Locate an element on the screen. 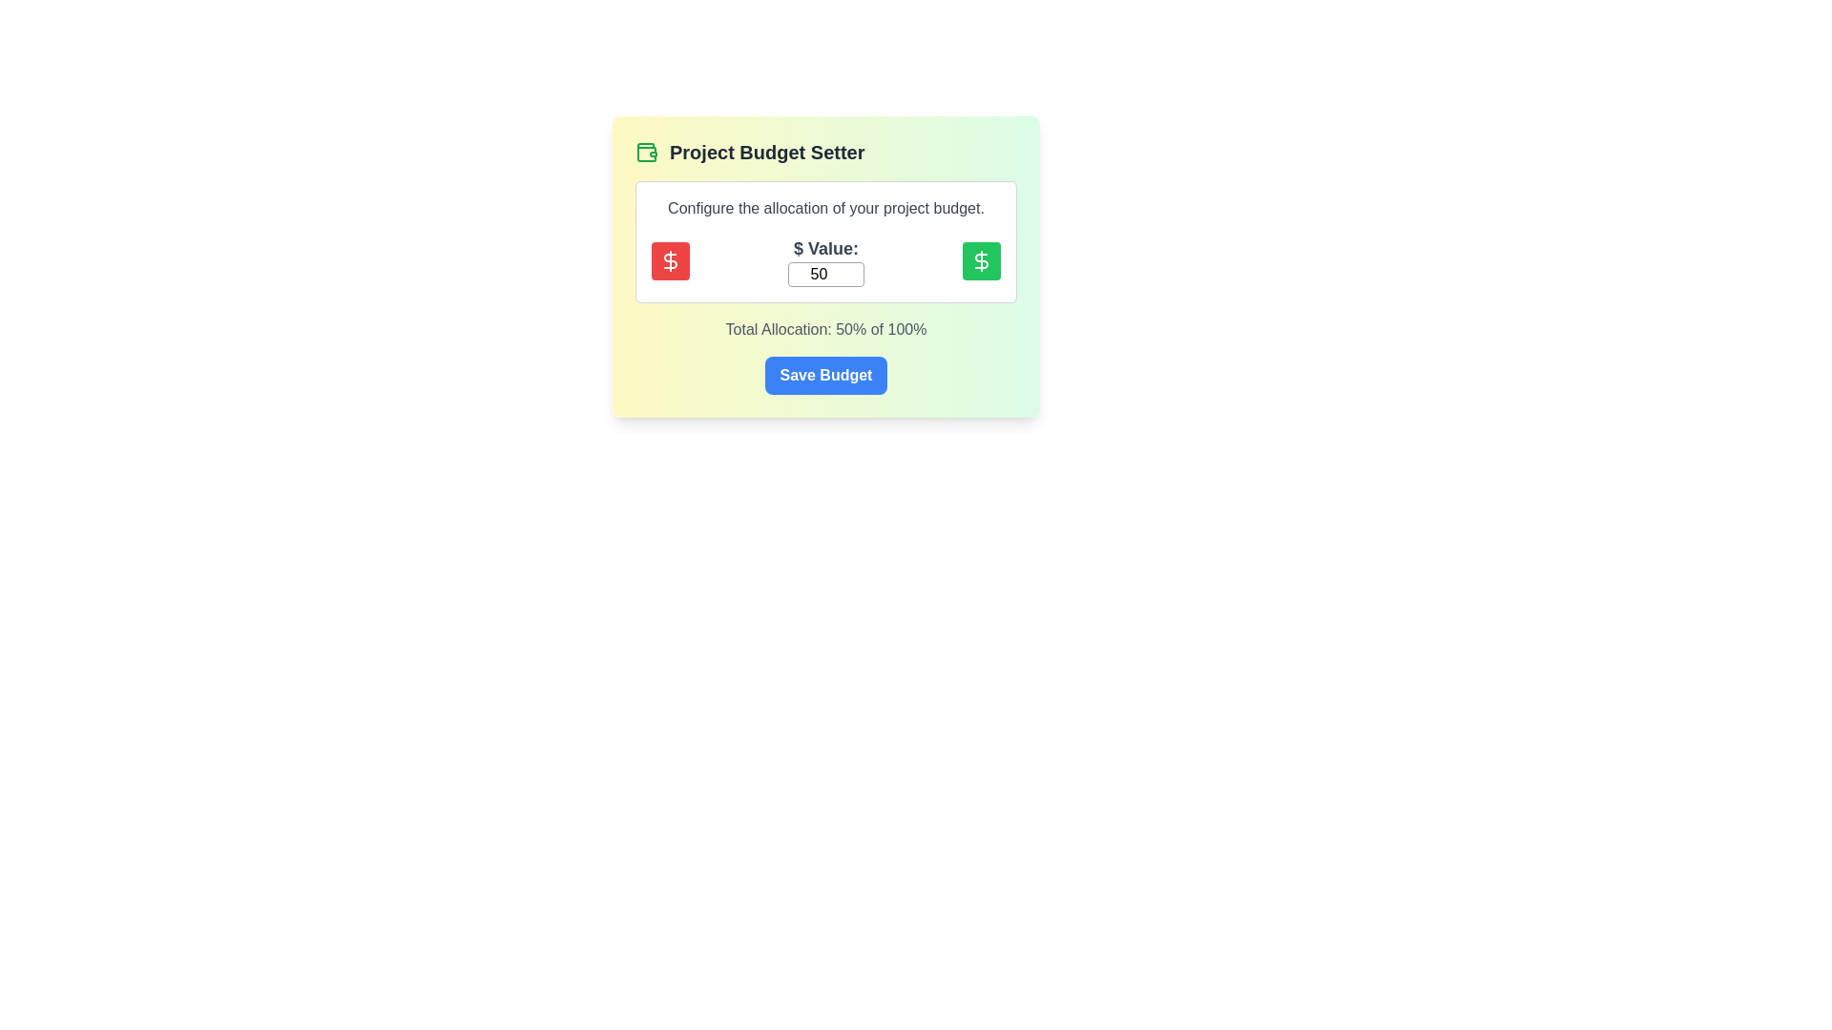 Image resolution: width=1832 pixels, height=1030 pixels. the 'Project Budget Setter' header with a green wallet icon at the top of the card interface is located at coordinates (825, 151).